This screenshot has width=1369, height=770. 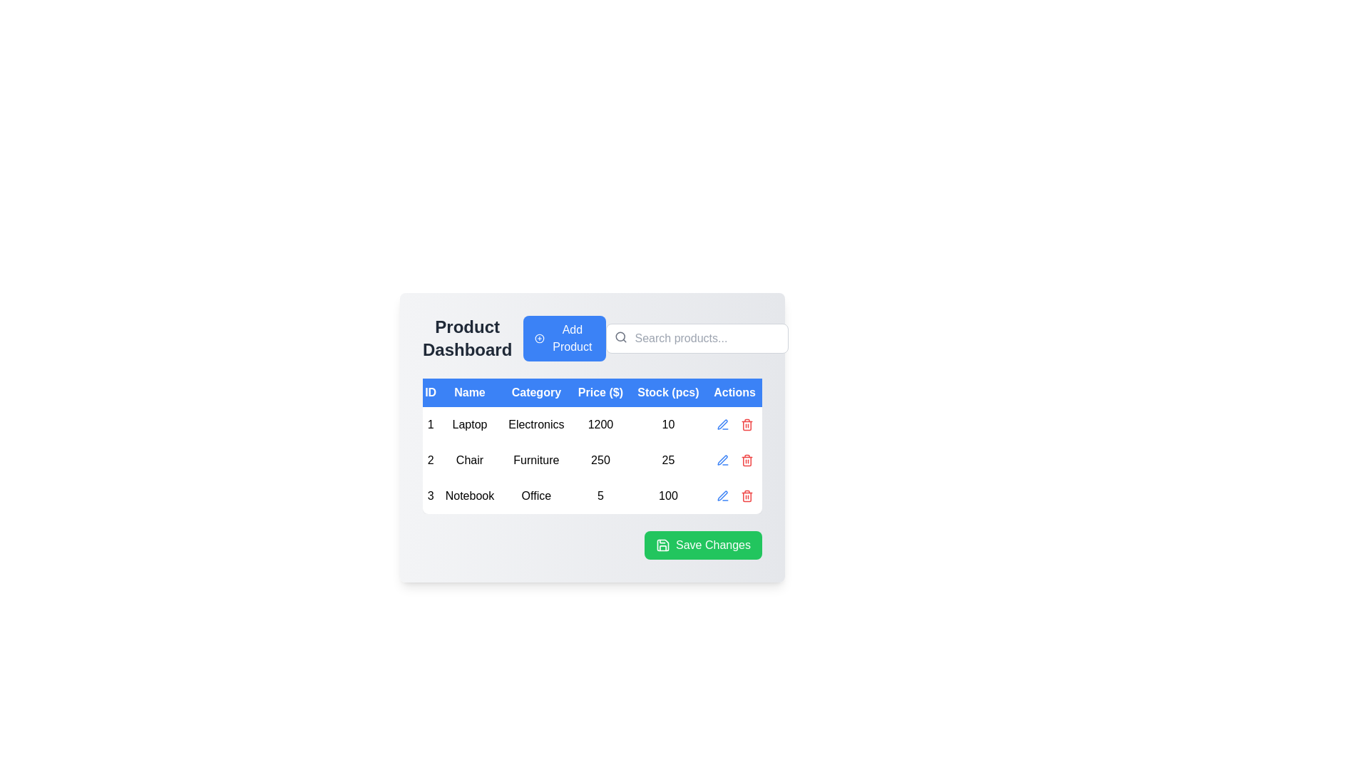 I want to click on the table cell containing the numeric text '250' in the 'Price ($)' column, specifically in the second row corresponding to the 'Chair' product entry, so click(x=592, y=467).